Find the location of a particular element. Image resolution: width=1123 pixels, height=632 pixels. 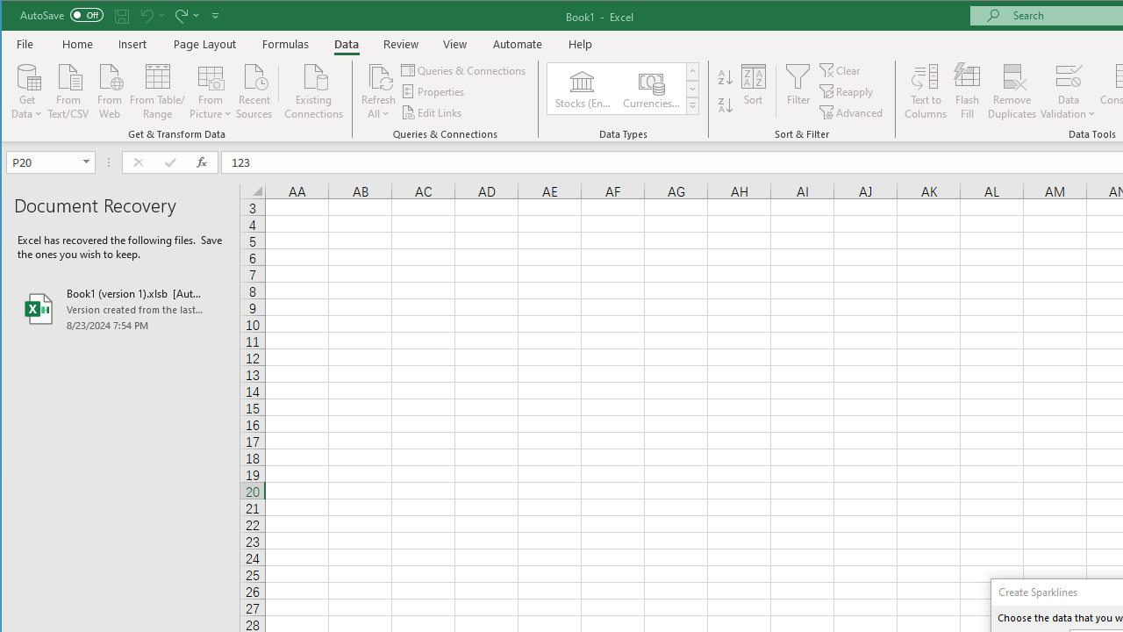

'Remove Duplicates' is located at coordinates (1012, 91).